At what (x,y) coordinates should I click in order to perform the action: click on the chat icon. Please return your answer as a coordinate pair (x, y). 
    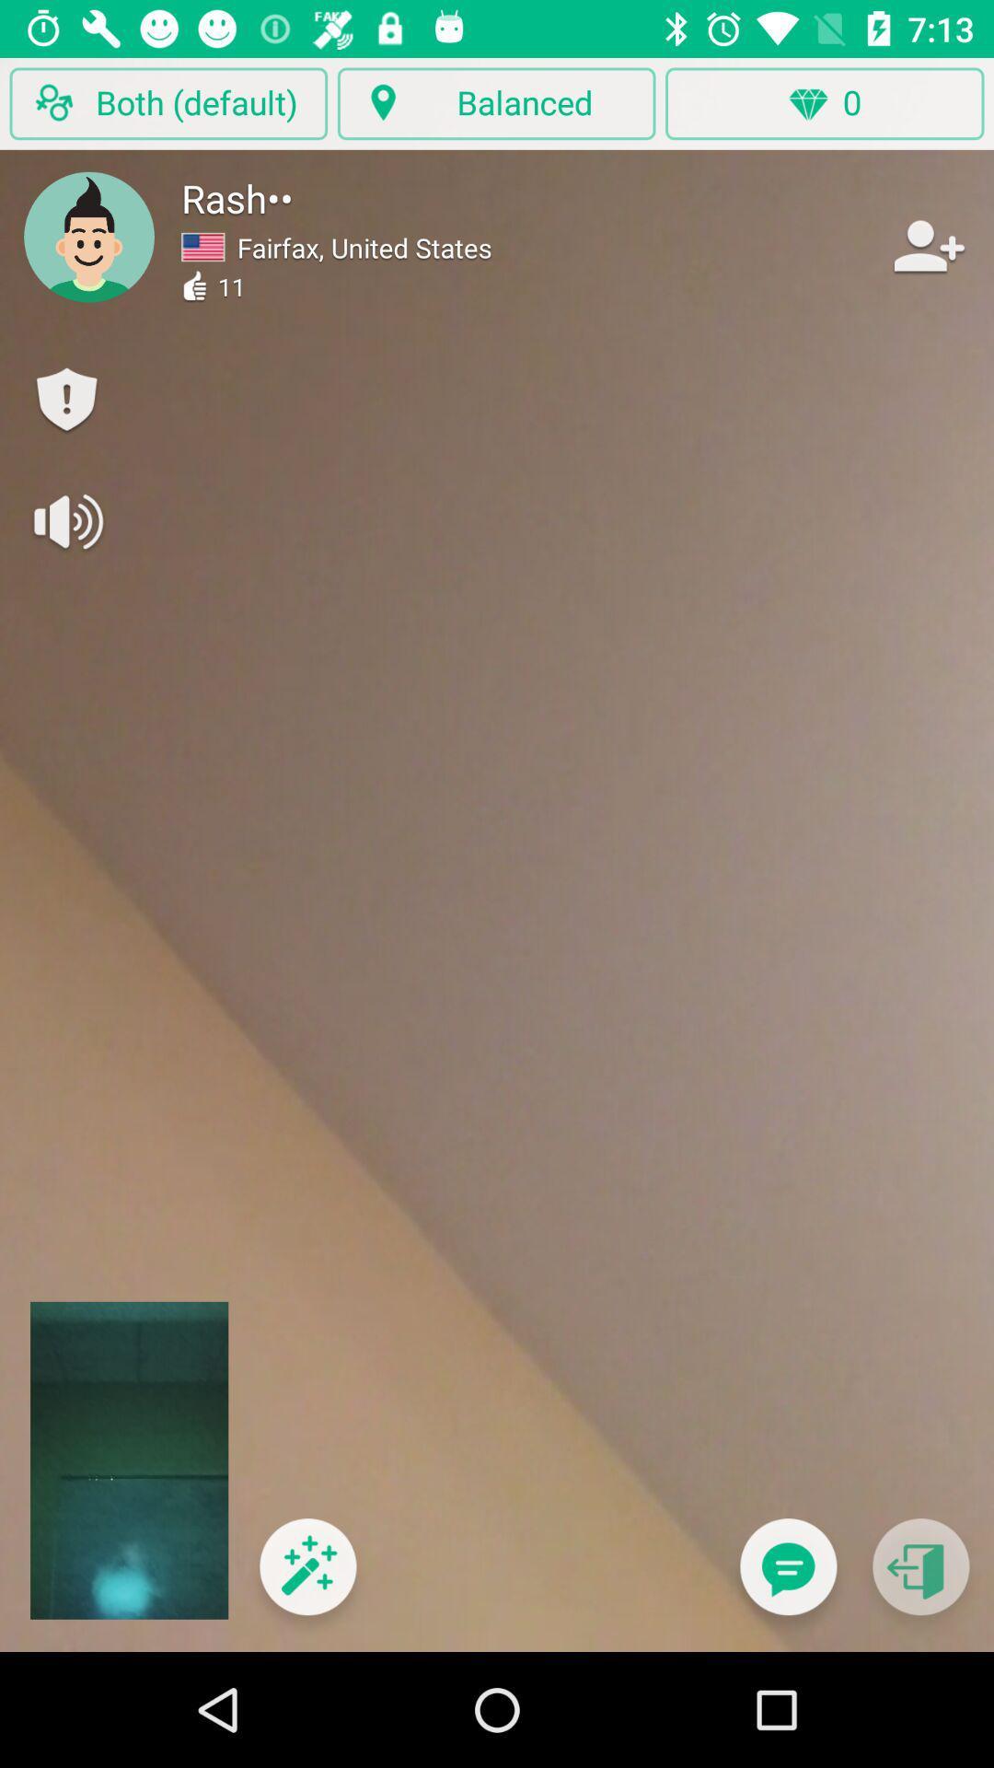
    Looking at the image, I should click on (787, 1577).